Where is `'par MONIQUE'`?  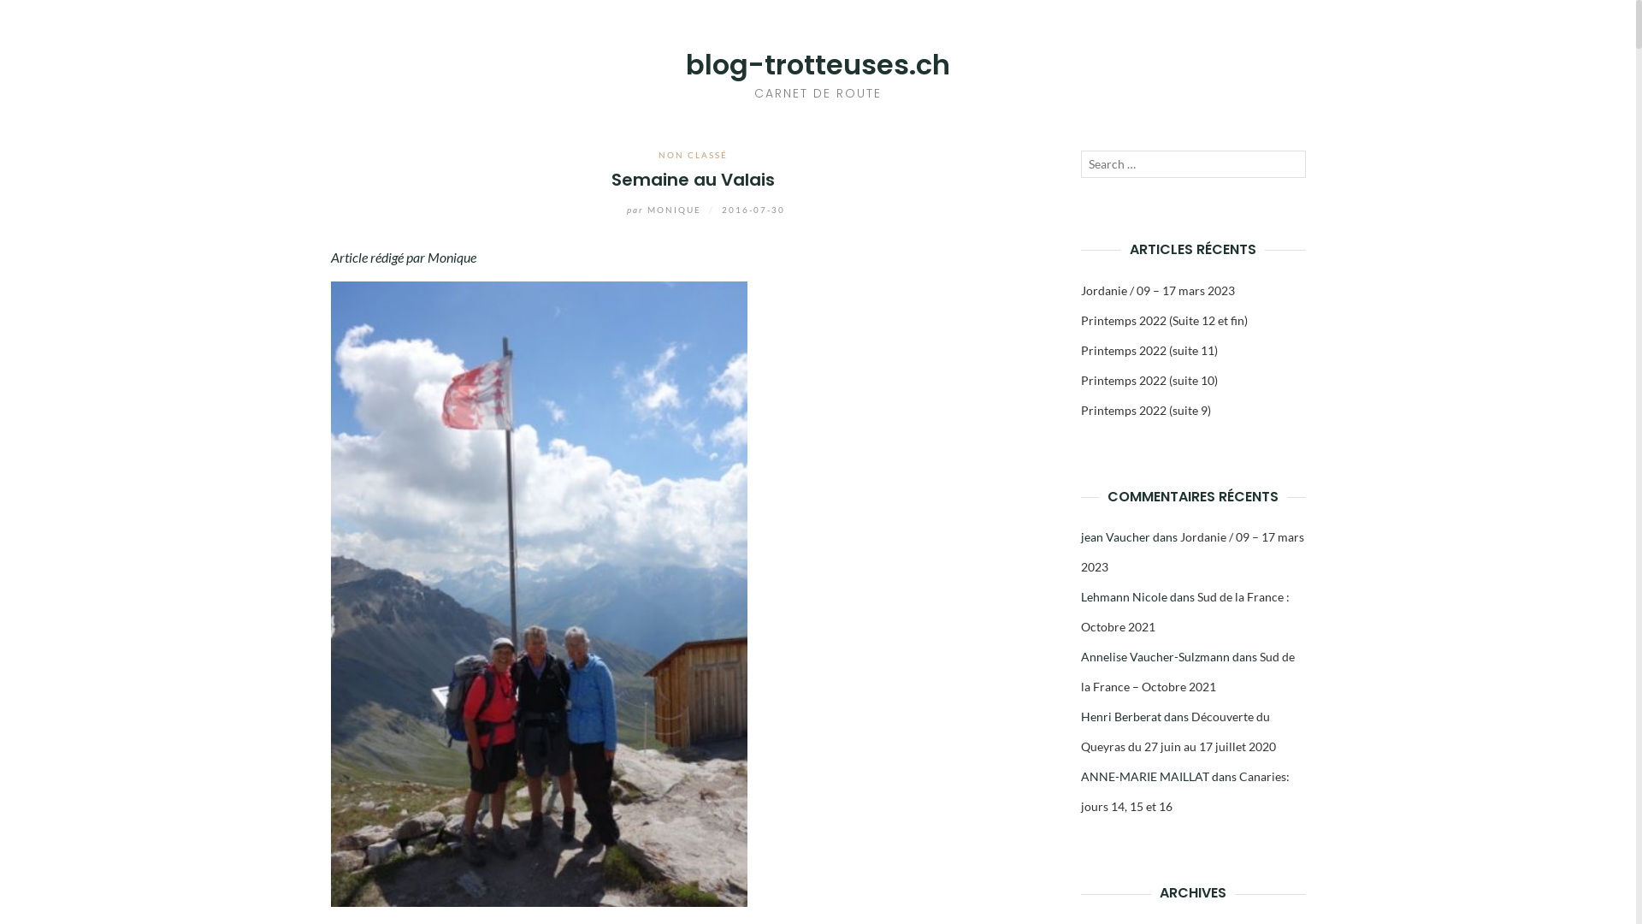
'par MONIQUE' is located at coordinates (652, 209).